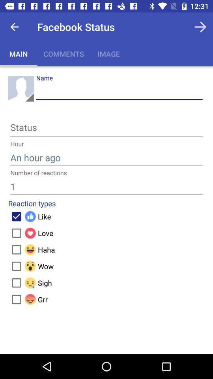 This screenshot has width=213, height=379. What do you see at coordinates (106, 129) in the screenshot?
I see `type status` at bounding box center [106, 129].